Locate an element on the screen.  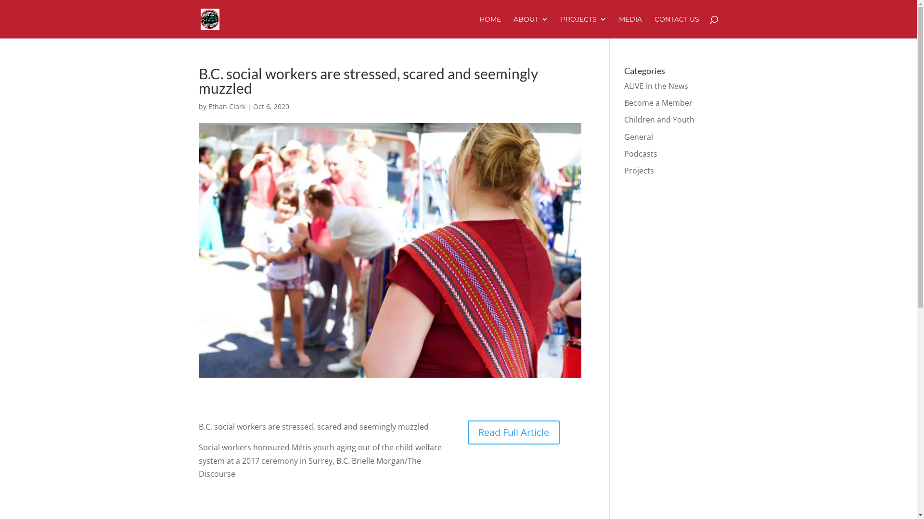
'Become a Member' is located at coordinates (658, 102).